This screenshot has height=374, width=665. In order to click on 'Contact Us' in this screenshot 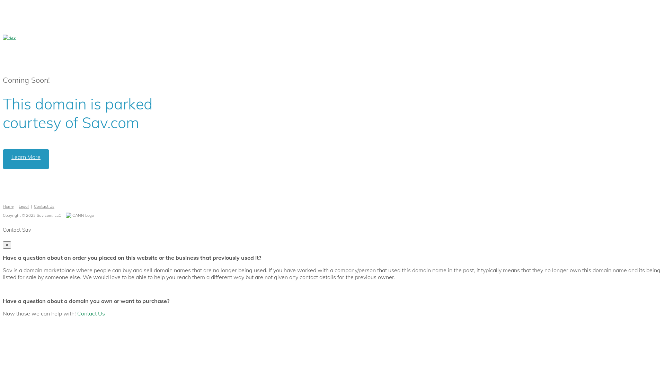, I will do `click(33, 206)`.